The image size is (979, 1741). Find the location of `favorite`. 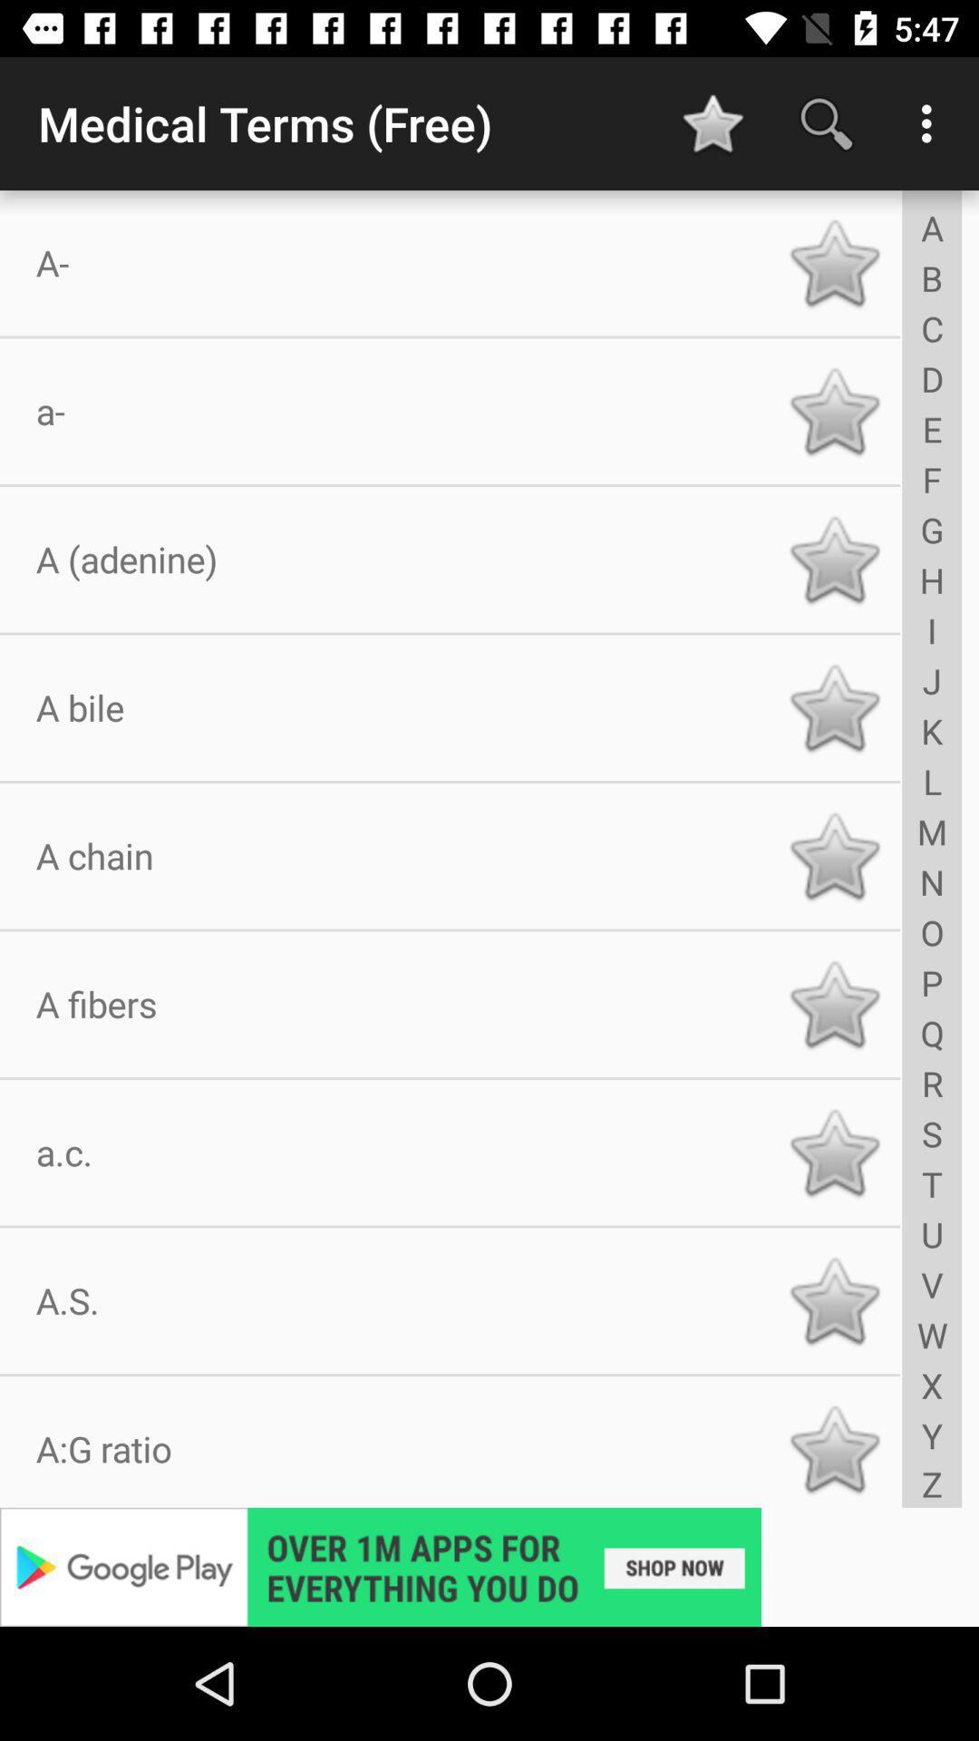

favorite is located at coordinates (834, 1003).